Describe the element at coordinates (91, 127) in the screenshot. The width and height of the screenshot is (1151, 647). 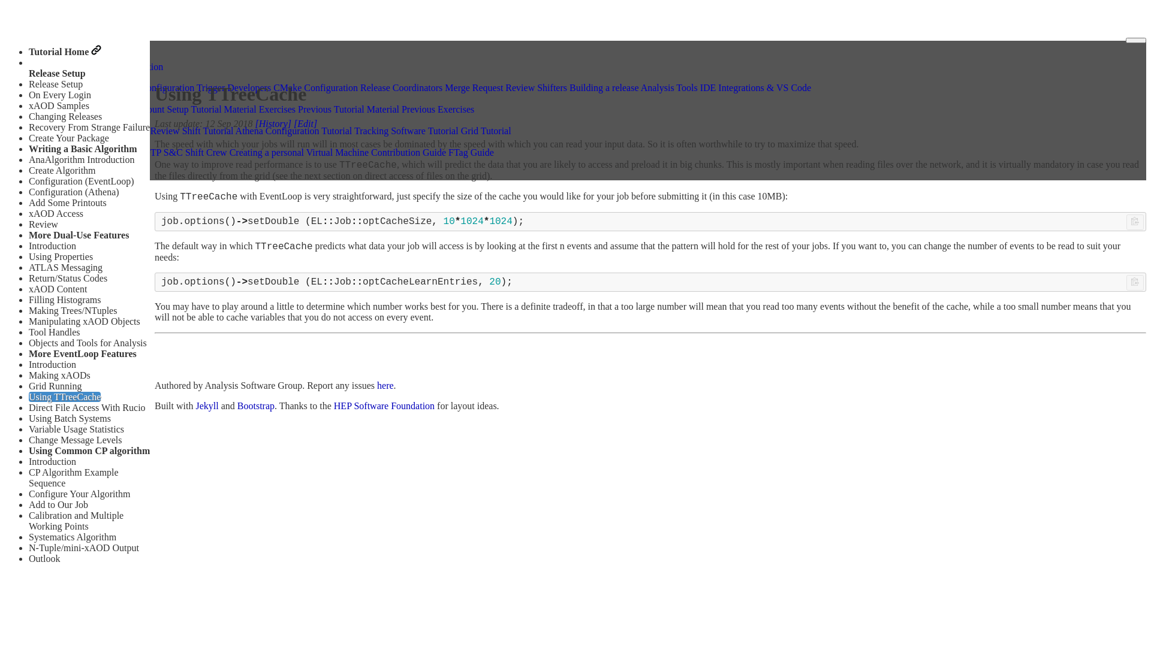
I see `'Recovery From Strange Failures'` at that location.